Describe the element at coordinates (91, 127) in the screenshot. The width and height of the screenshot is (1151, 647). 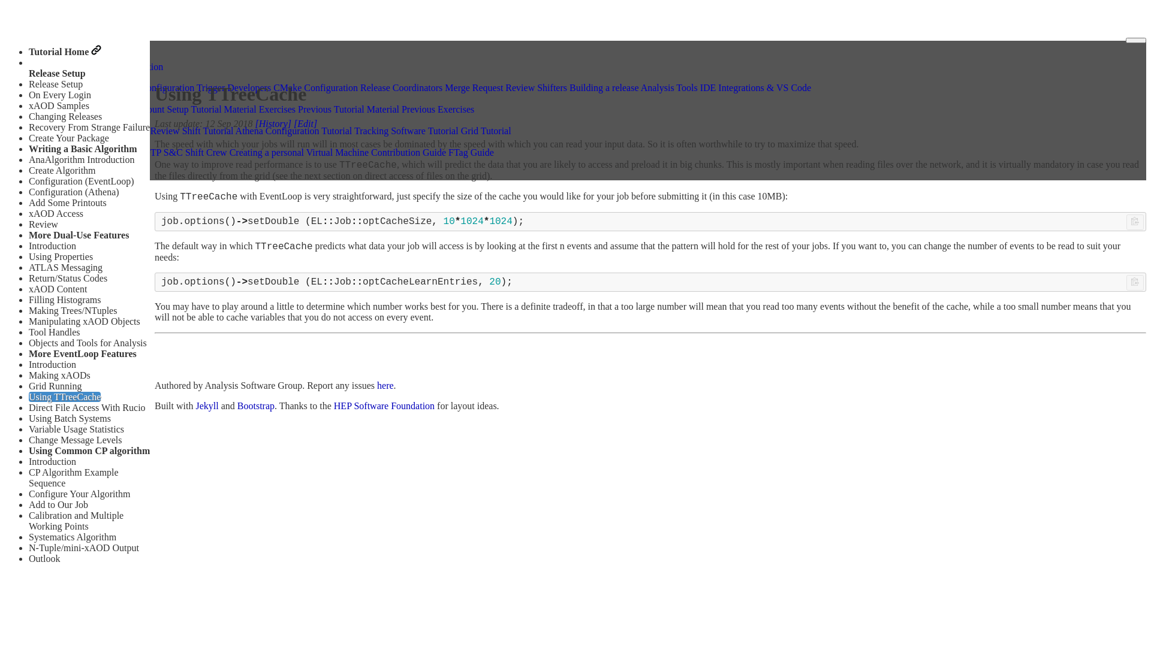
I see `'Recovery From Strange Failures'` at that location.